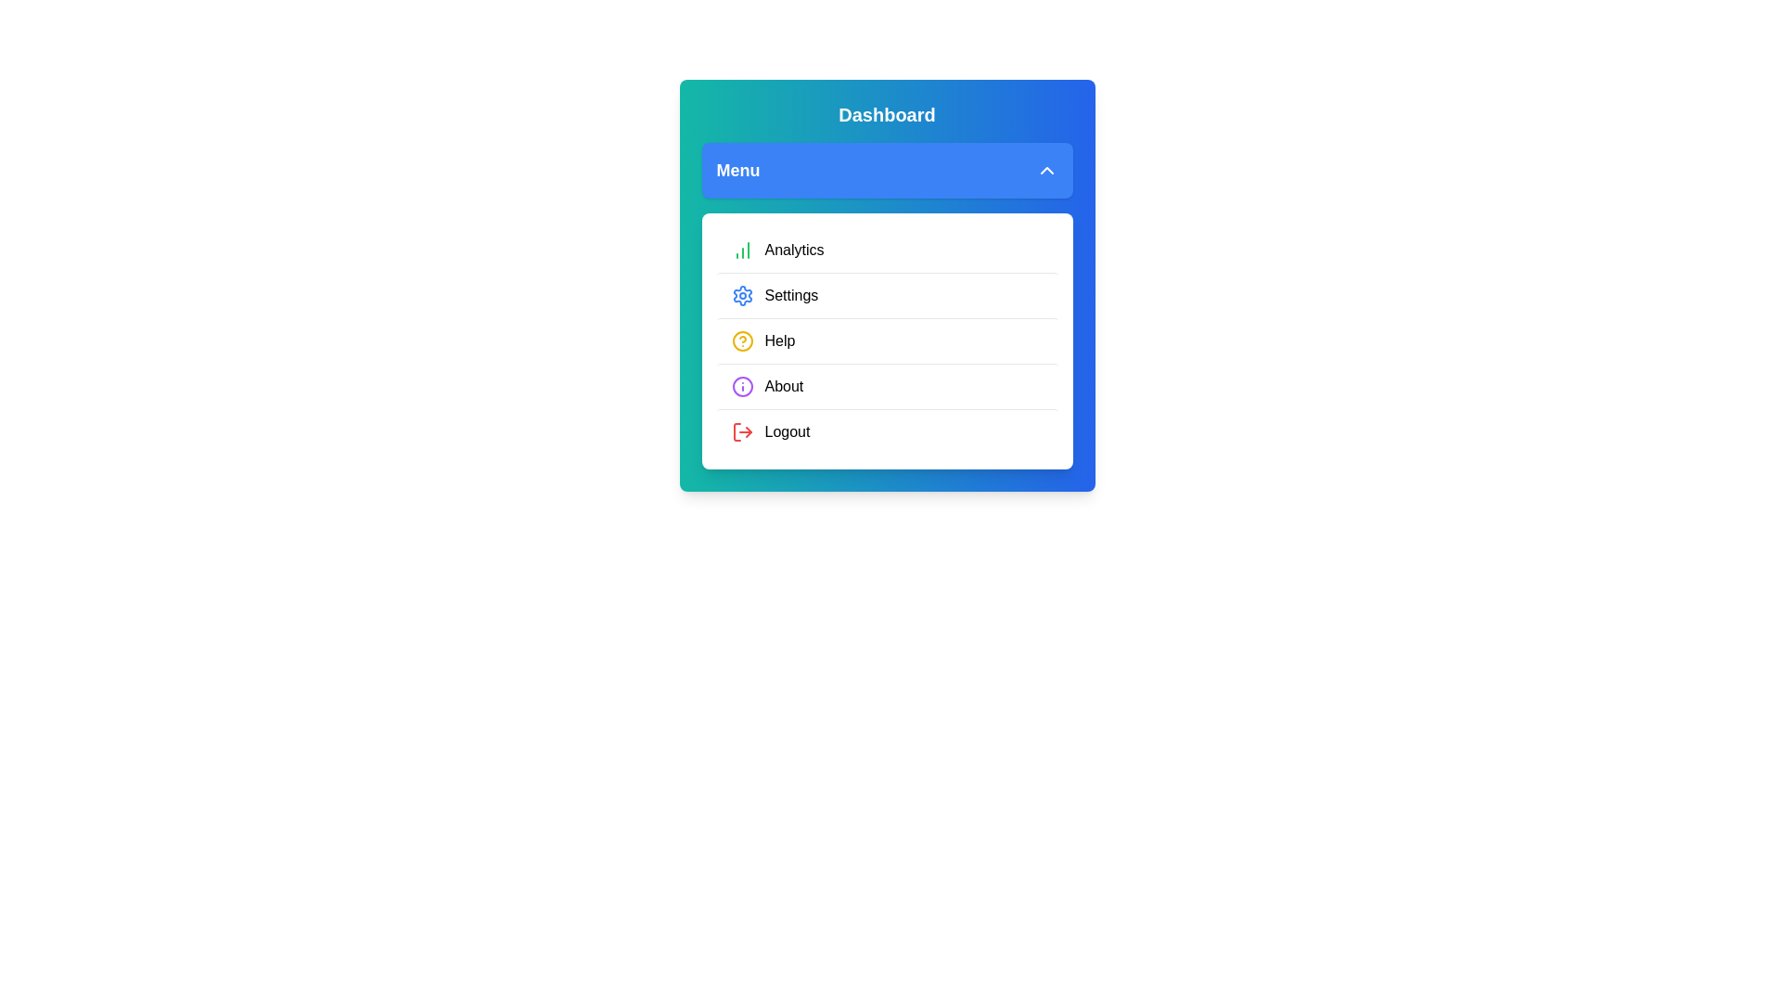 This screenshot has width=1781, height=1002. Describe the element at coordinates (742, 295) in the screenshot. I see `the blue decorative gear-like icon located in the dropdown menu adjacent to the 'Settings' label` at that location.